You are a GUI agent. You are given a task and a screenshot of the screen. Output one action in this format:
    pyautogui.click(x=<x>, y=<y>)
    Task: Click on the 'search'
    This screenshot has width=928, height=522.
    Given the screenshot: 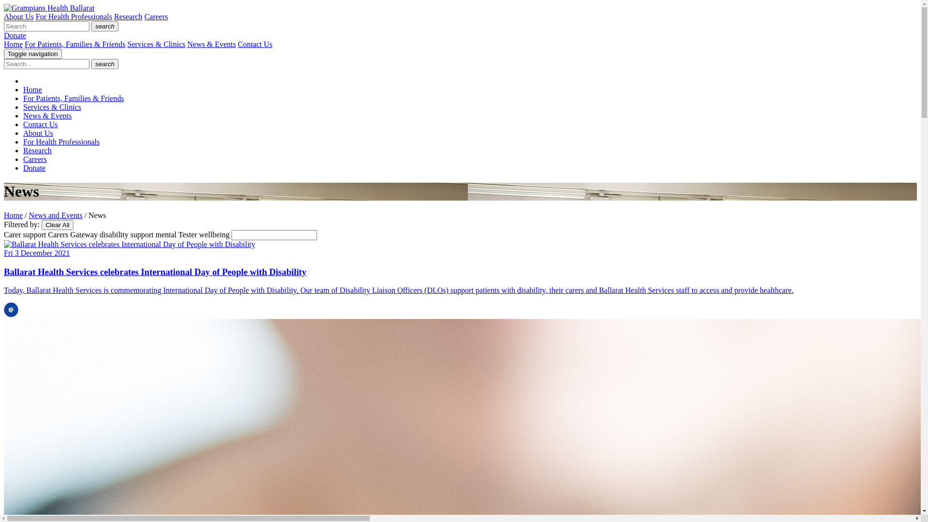 What is the action you would take?
    pyautogui.click(x=91, y=64)
    